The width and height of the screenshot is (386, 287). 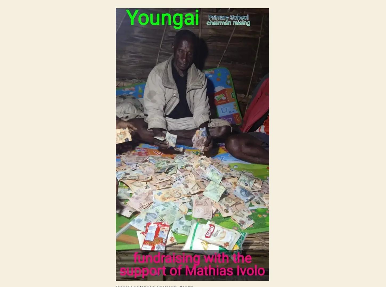 I want to click on 'To the top', so click(x=325, y=251).